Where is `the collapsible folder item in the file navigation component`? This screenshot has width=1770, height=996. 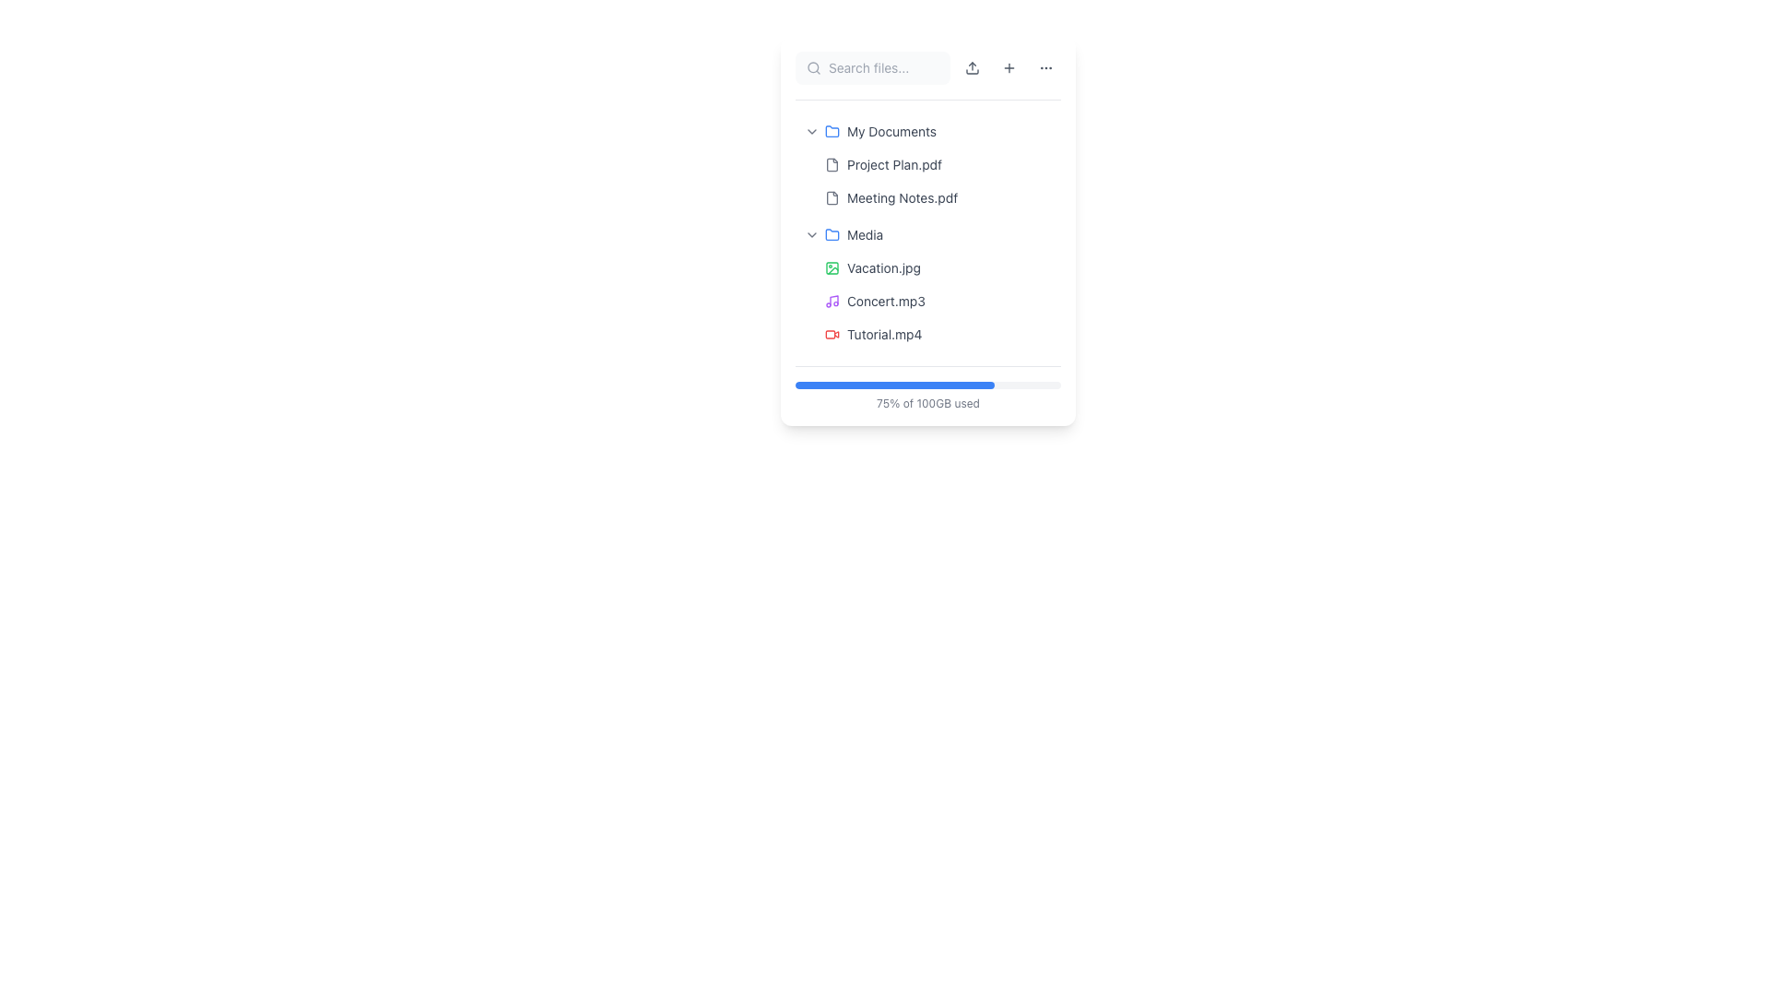
the collapsible folder item in the file navigation component is located at coordinates (928, 233).